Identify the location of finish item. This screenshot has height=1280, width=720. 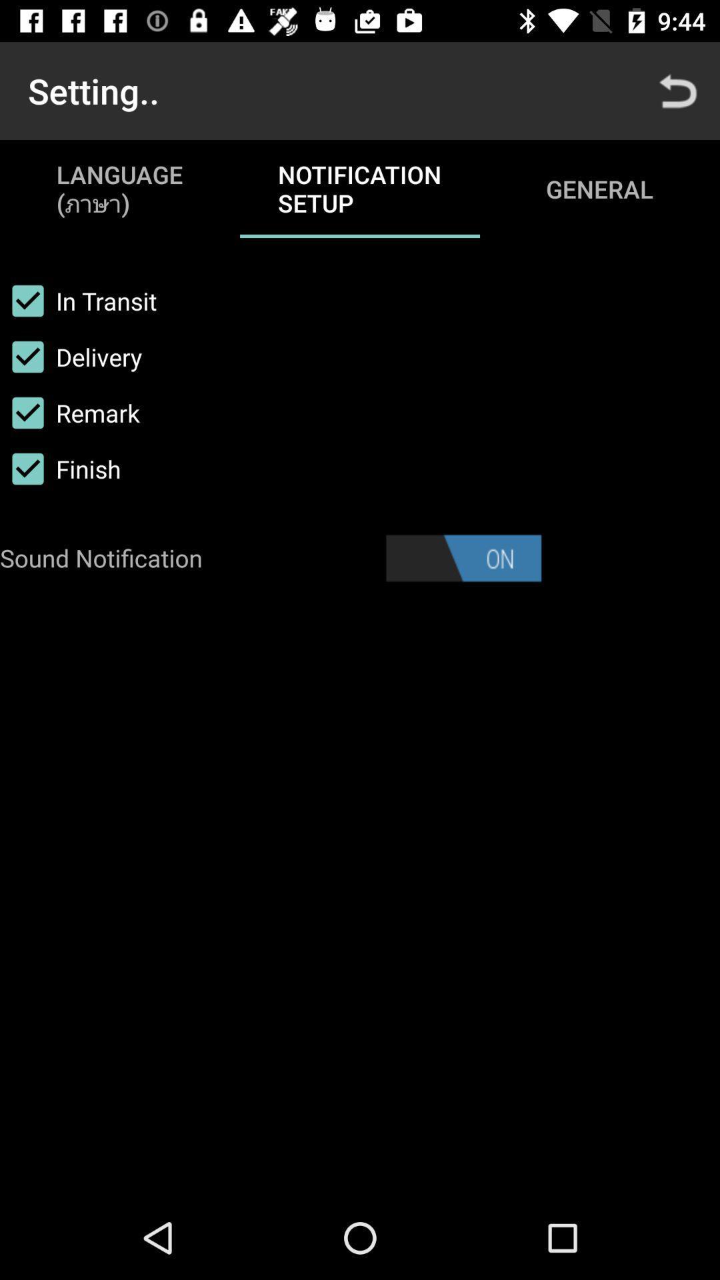
(60, 469).